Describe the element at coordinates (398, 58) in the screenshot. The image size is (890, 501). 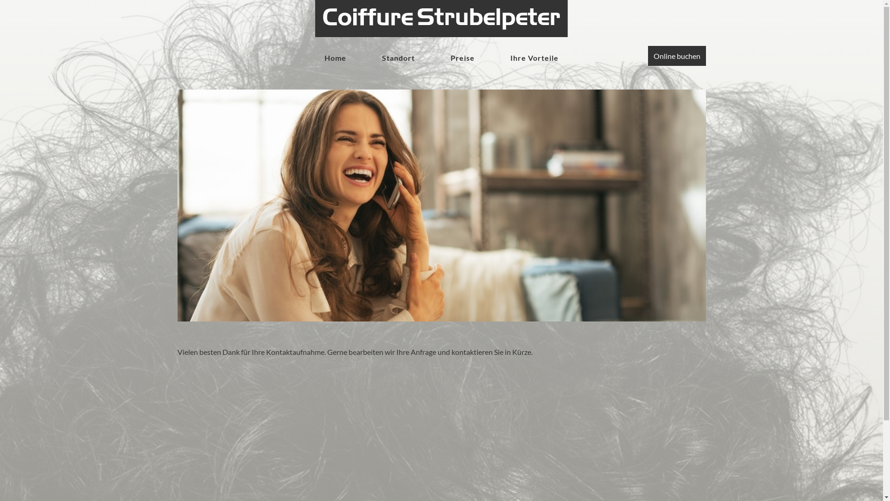
I see `'Standort'` at that location.